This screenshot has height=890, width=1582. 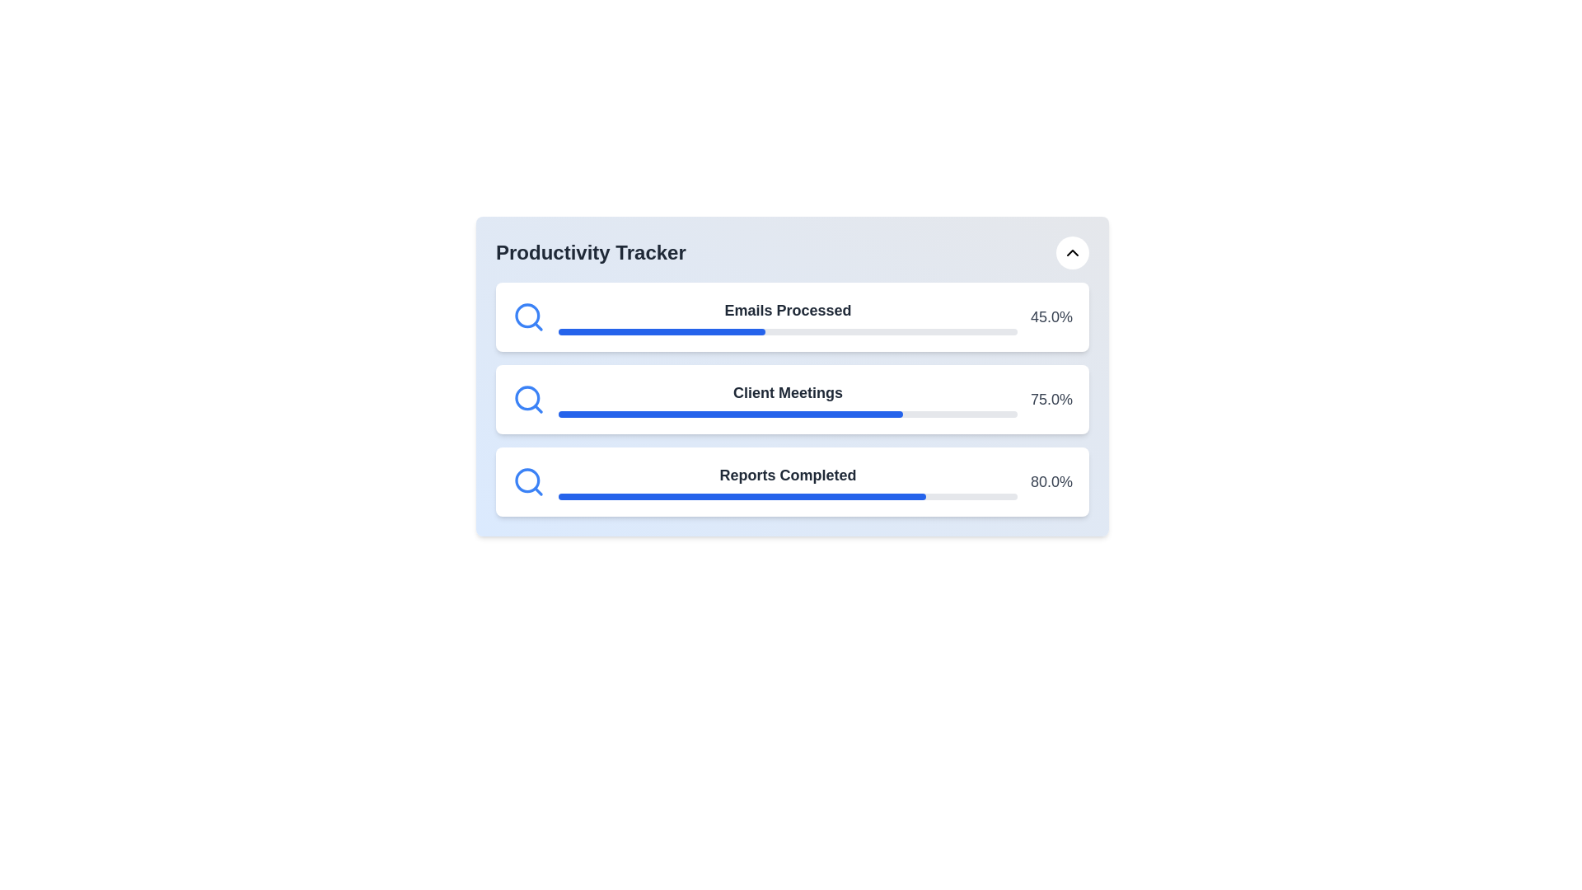 What do you see at coordinates (792, 317) in the screenshot?
I see `the Progress display card to visualize the progress in the bar, which is the first card in a vertical stack located near the top of the list` at bounding box center [792, 317].